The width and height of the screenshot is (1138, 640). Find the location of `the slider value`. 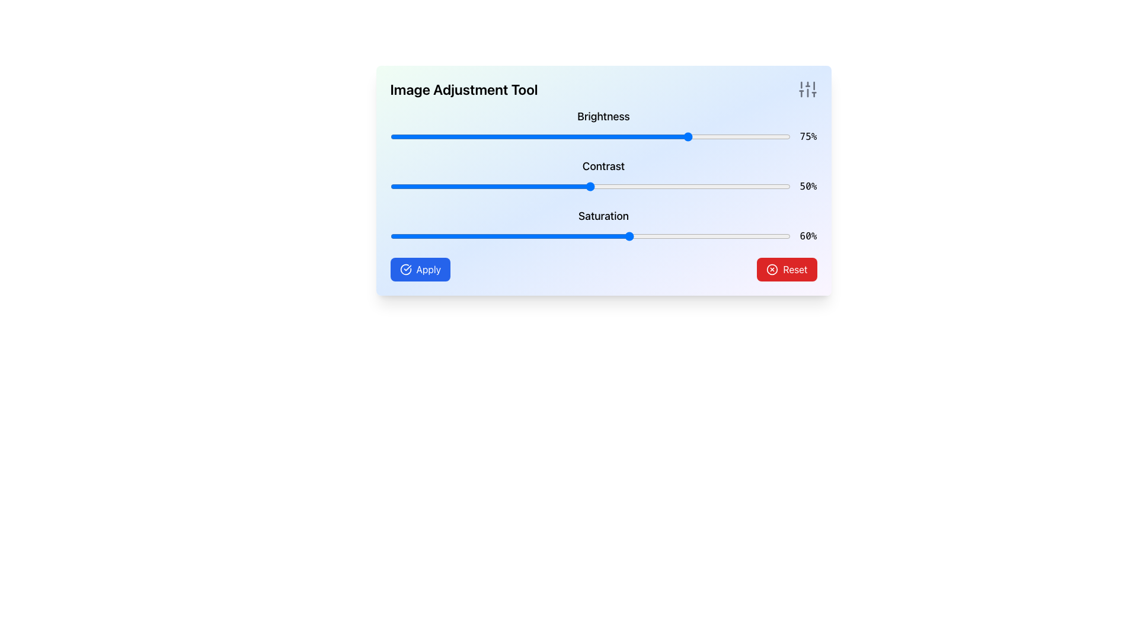

the slider value is located at coordinates (629, 236).